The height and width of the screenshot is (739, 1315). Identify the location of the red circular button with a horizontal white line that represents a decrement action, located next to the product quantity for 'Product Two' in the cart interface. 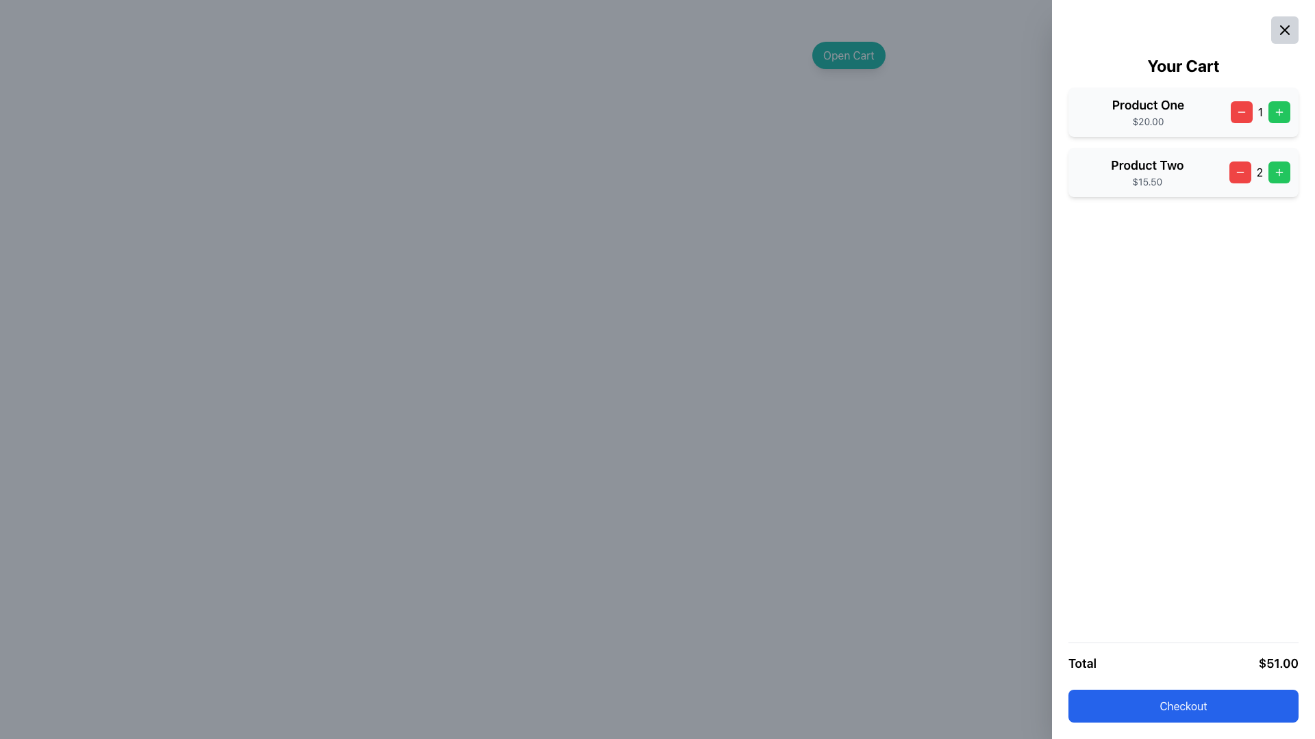
(1241, 112).